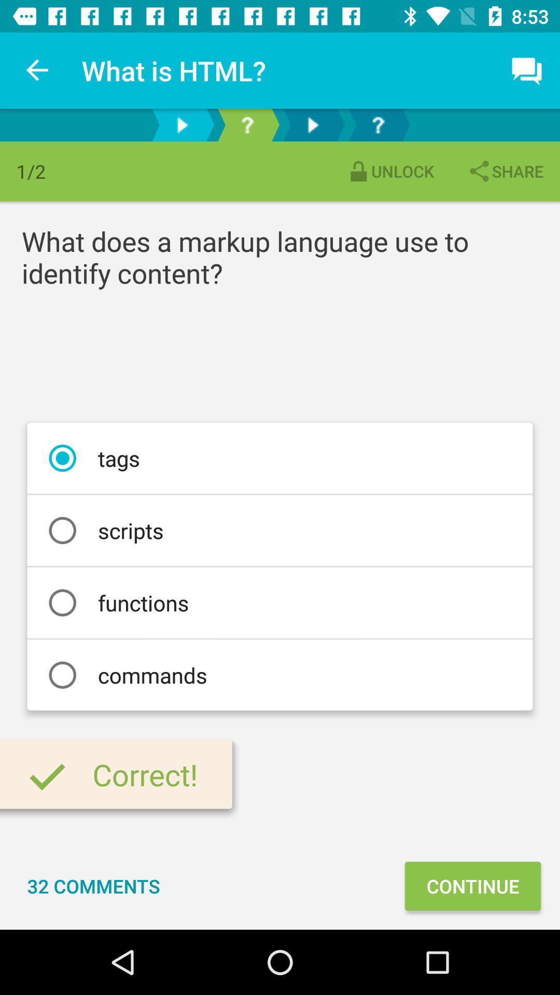  I want to click on help, so click(378, 124).